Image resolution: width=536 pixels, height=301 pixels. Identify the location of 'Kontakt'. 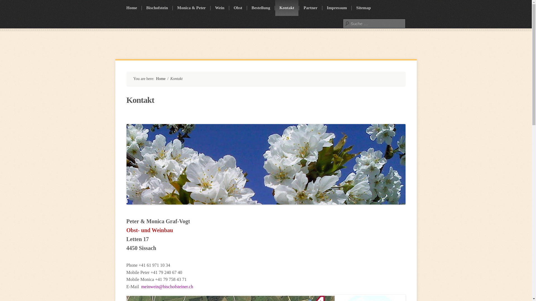
(287, 8).